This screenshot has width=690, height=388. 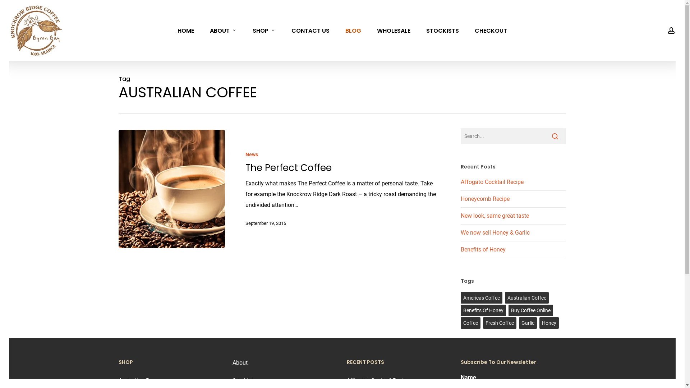 What do you see at coordinates (526, 298) in the screenshot?
I see `'Australian Coffee'` at bounding box center [526, 298].